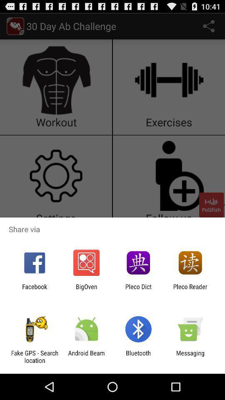 This screenshot has width=225, height=400. Describe the element at coordinates (34, 290) in the screenshot. I see `the app to the left of bigoven` at that location.